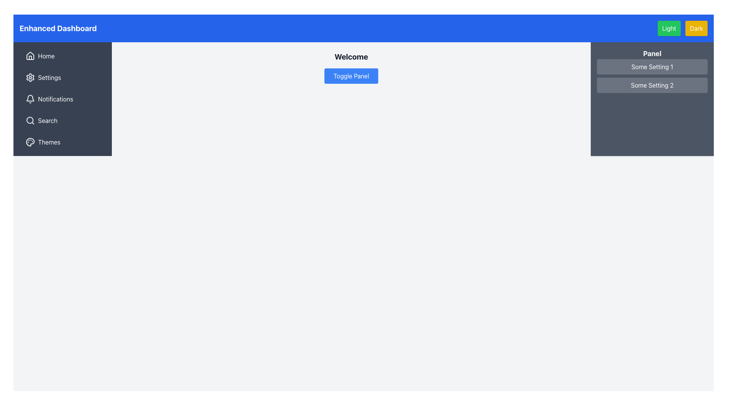  I want to click on the 'Dark' button in the Button group located in the top-right corner of the interface, adjacent to the title 'Enhanced Dashboard', so click(682, 28).